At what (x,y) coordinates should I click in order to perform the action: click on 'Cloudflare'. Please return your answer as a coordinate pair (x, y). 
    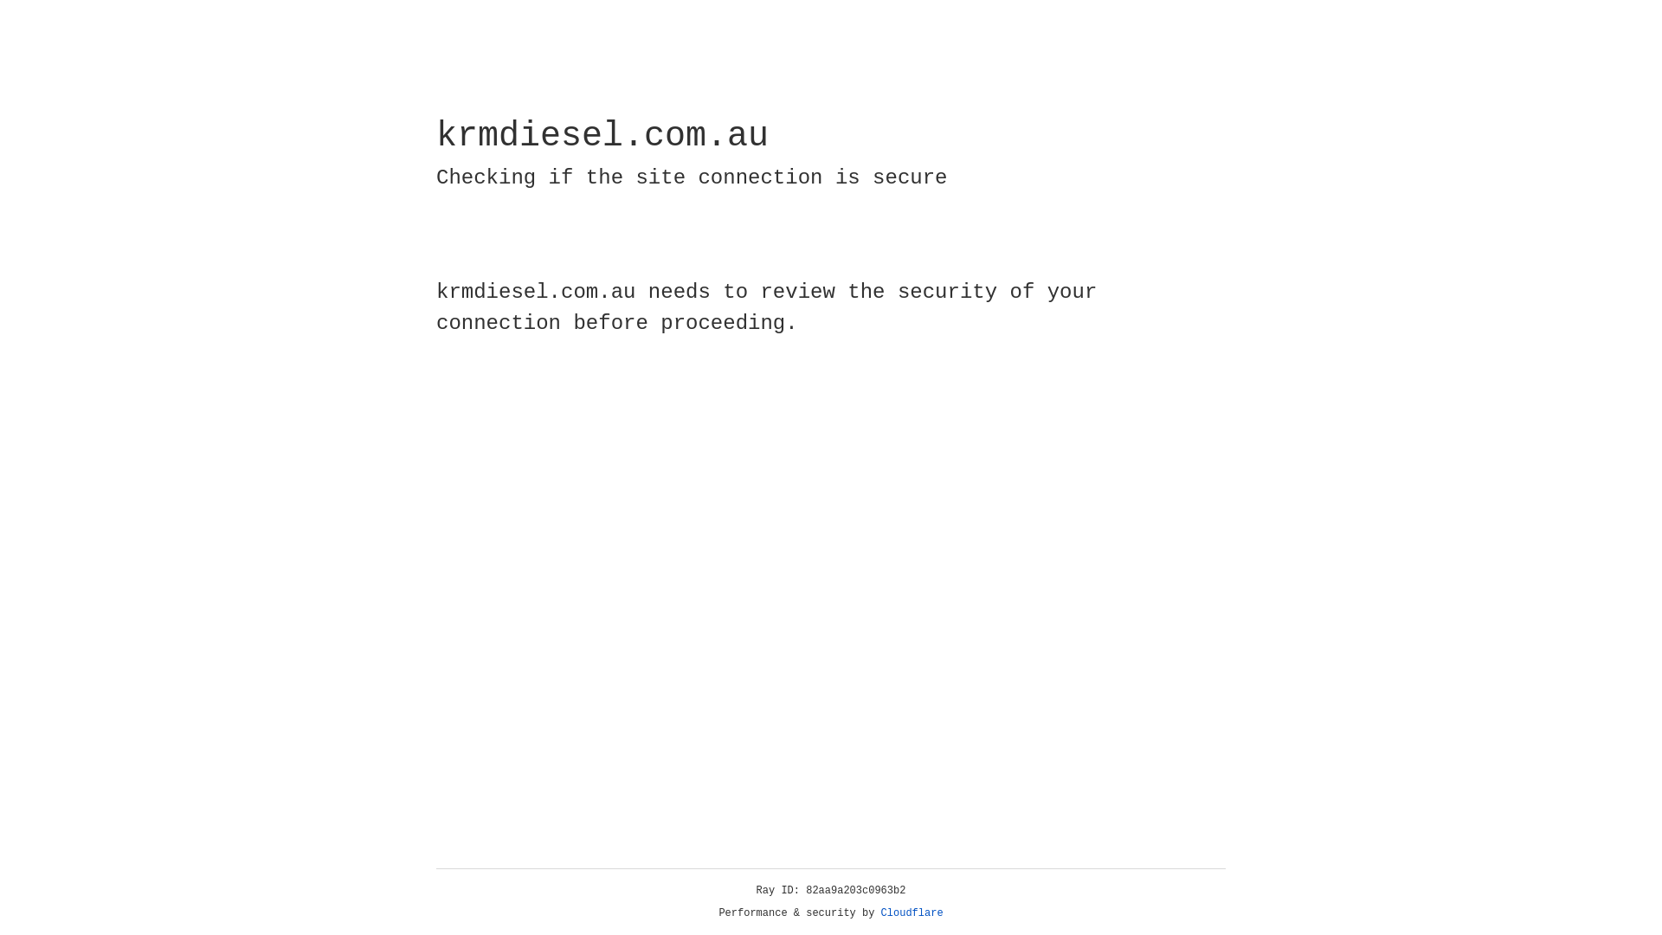
    Looking at the image, I should click on (880, 912).